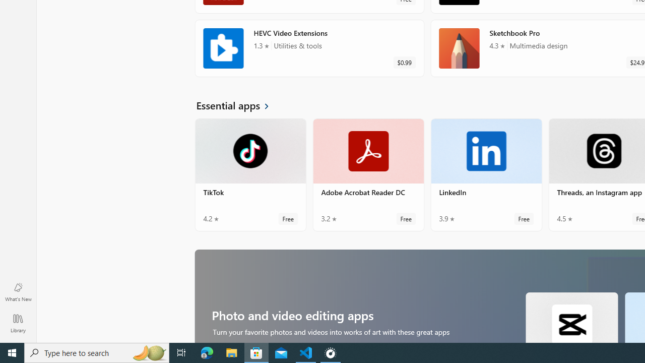 The height and width of the screenshot is (363, 645). What do you see at coordinates (238, 105) in the screenshot?
I see `'See all  Essential apps'` at bounding box center [238, 105].